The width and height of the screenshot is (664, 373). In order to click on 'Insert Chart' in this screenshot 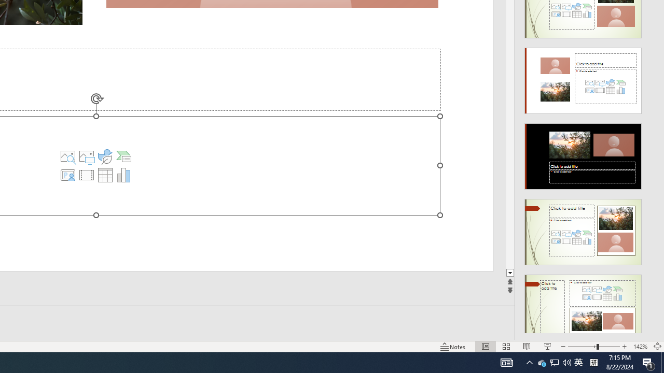, I will do `click(105, 175)`.